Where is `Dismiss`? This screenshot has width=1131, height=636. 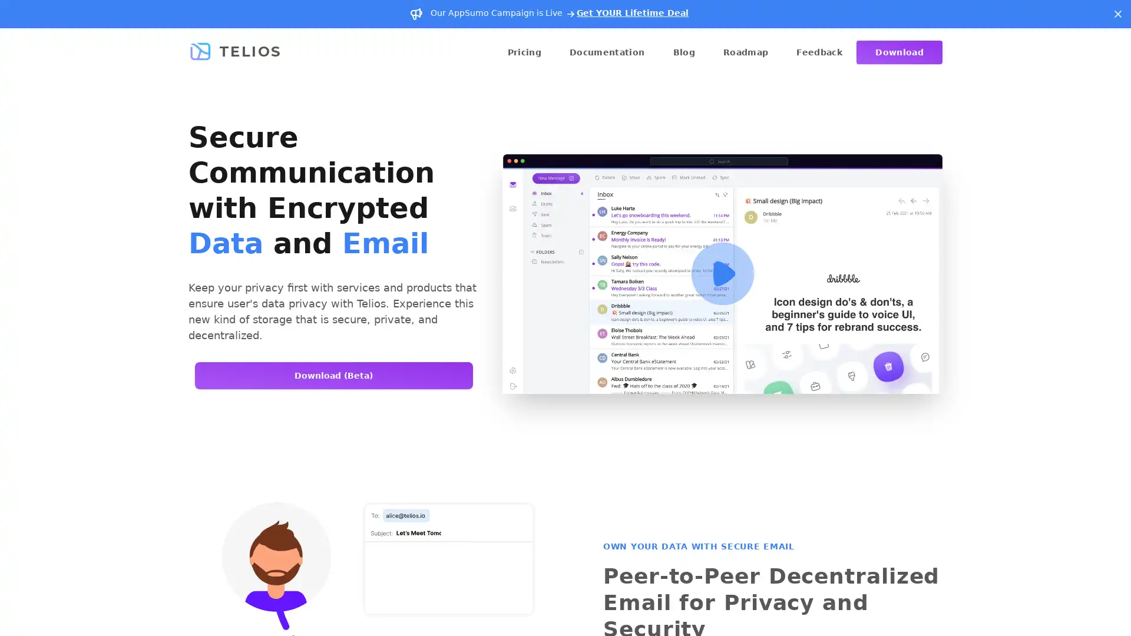
Dismiss is located at coordinates (1117, 14).